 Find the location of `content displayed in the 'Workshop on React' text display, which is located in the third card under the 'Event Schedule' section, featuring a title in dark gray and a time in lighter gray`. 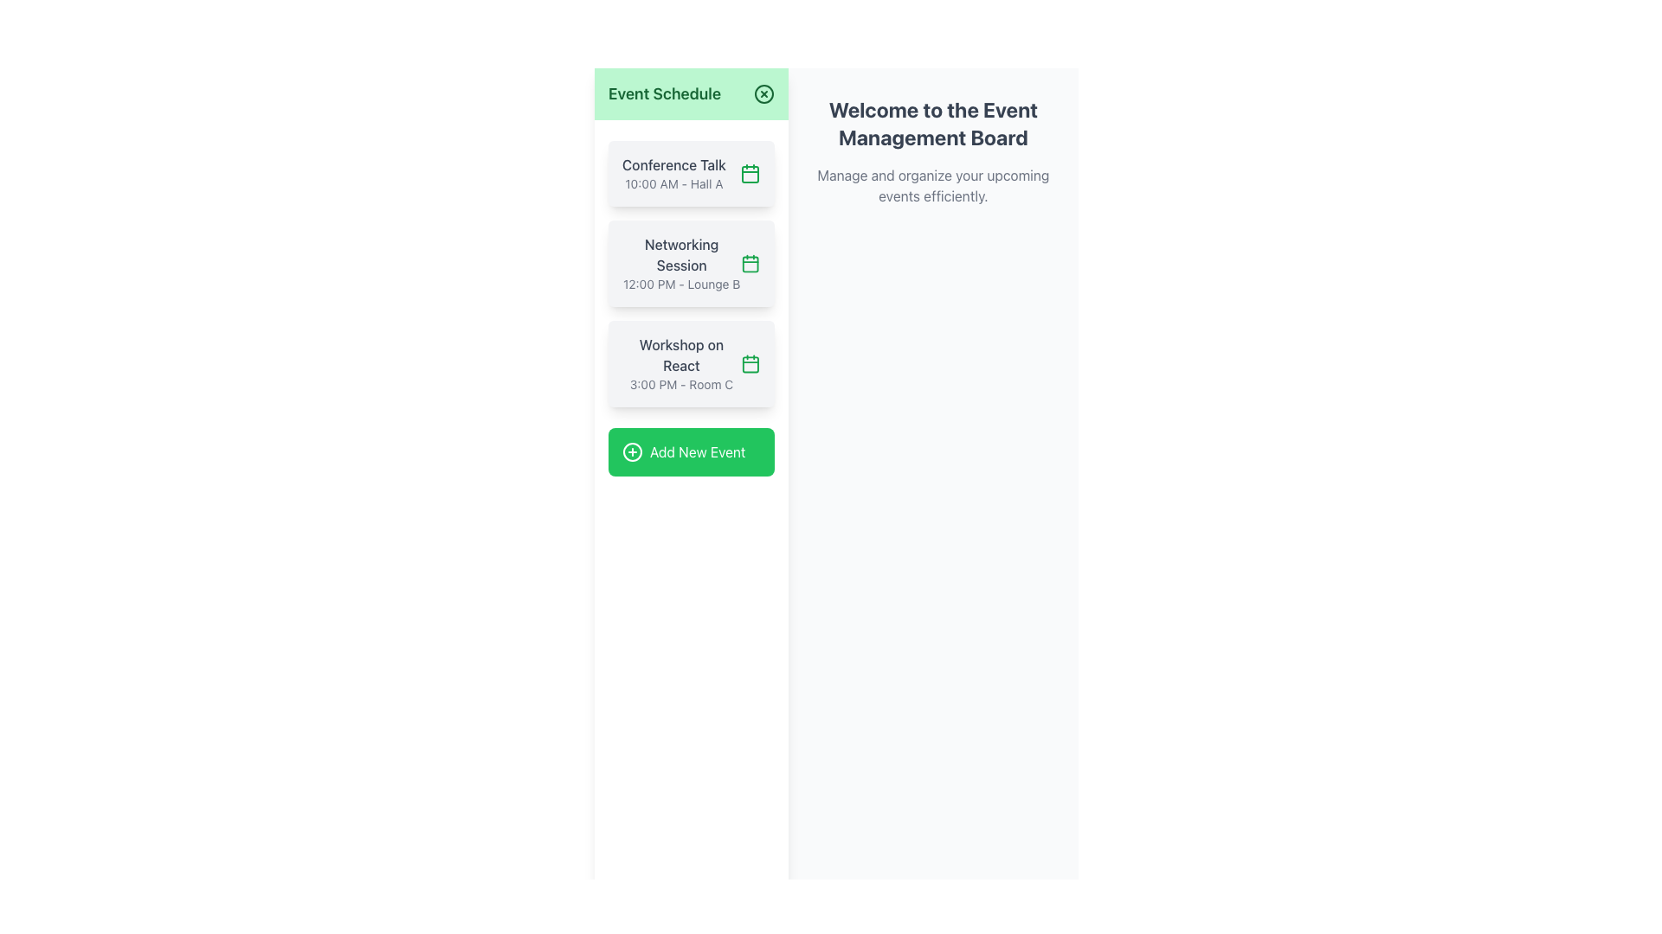

content displayed in the 'Workshop on React' text display, which is located in the third card under the 'Event Schedule' section, featuring a title in dark gray and a time in lighter gray is located at coordinates (680, 362).